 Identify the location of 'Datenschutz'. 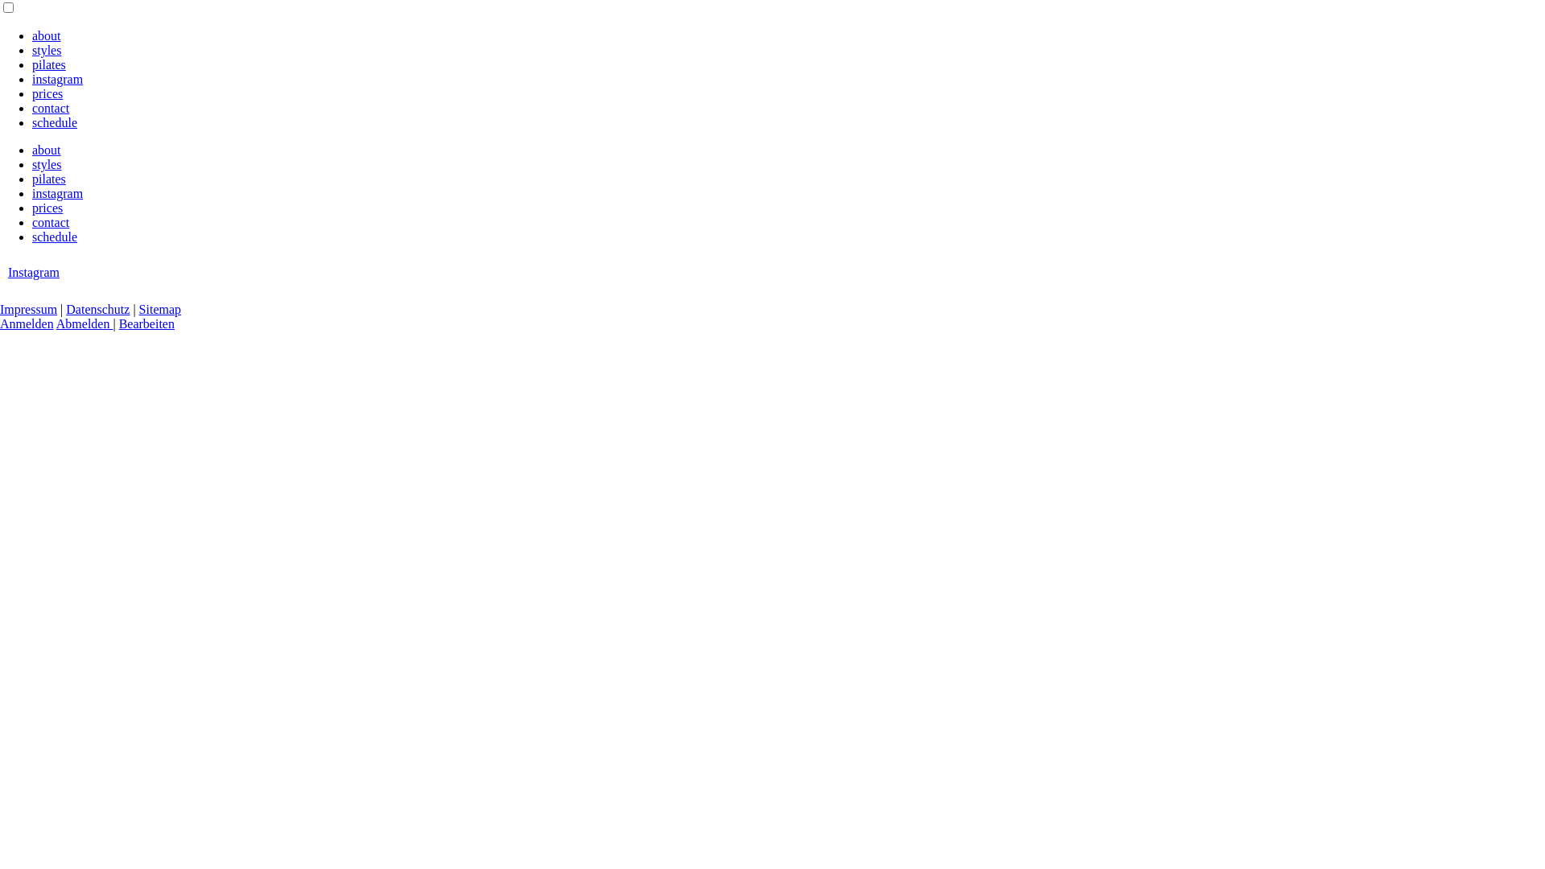
(97, 309).